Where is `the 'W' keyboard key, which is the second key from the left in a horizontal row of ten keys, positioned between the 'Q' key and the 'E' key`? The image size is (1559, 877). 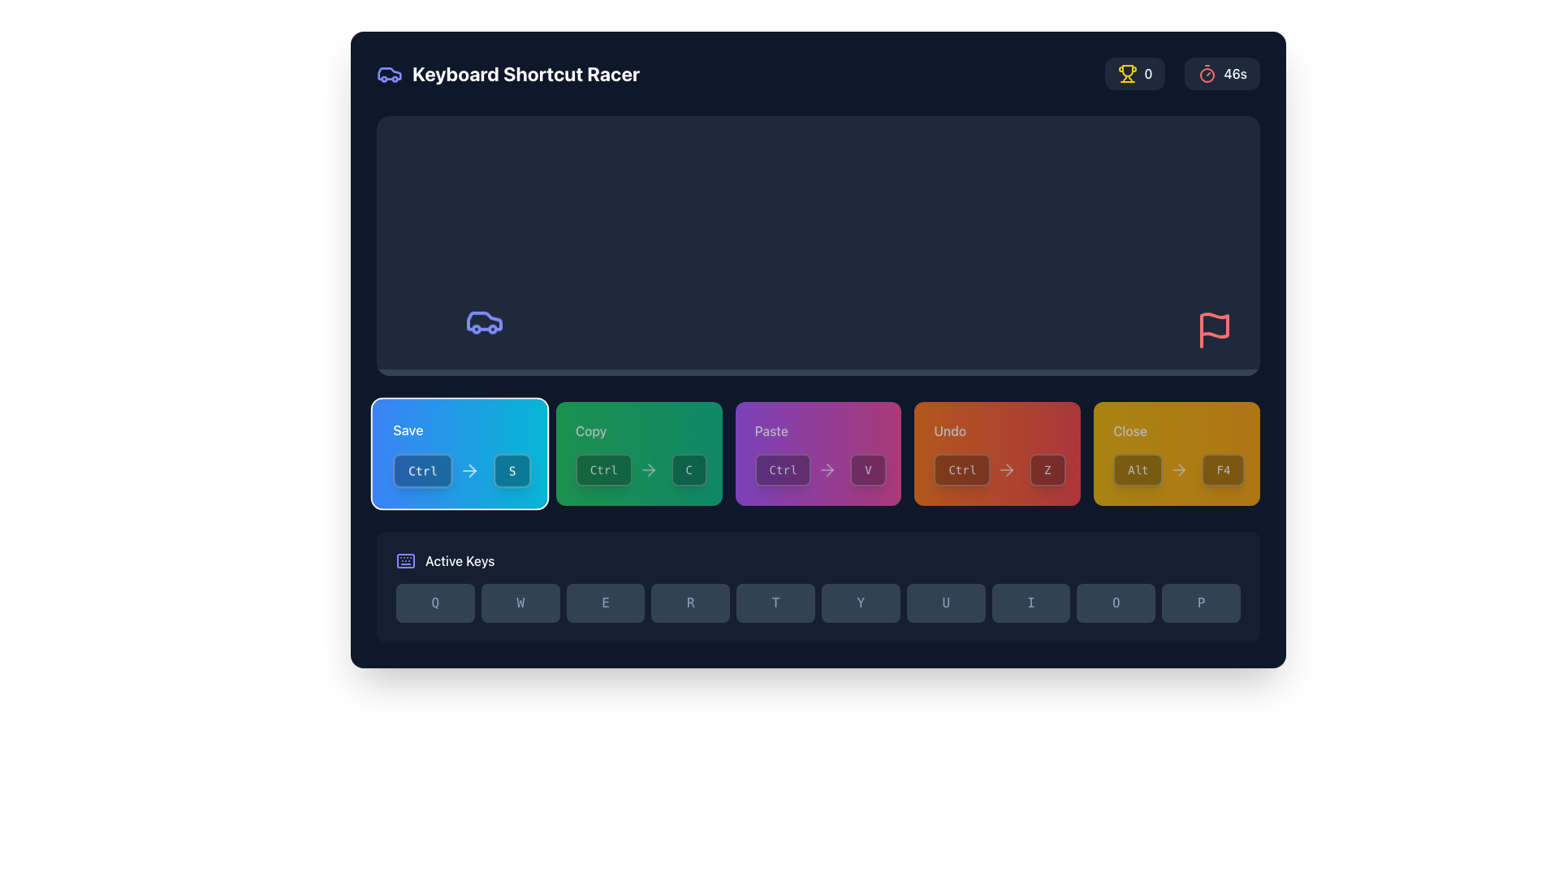 the 'W' keyboard key, which is the second key from the left in a horizontal row of ten keys, positioned between the 'Q' key and the 'E' key is located at coordinates (520, 603).